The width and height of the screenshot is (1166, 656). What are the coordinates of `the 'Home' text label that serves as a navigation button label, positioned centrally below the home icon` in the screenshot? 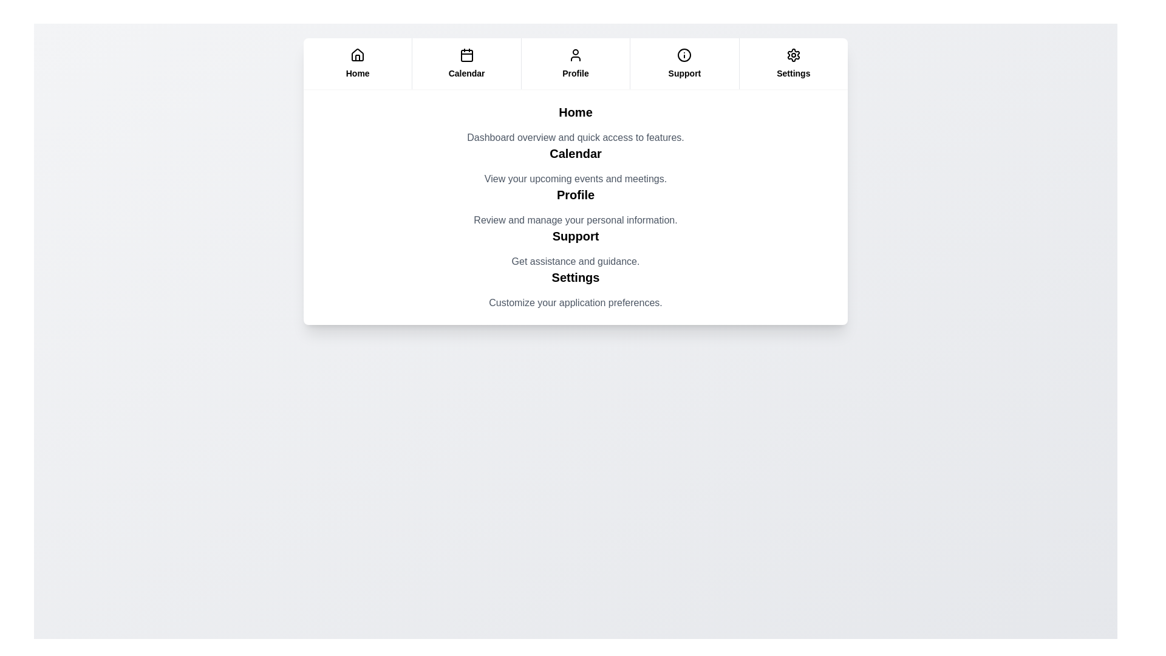 It's located at (357, 73).